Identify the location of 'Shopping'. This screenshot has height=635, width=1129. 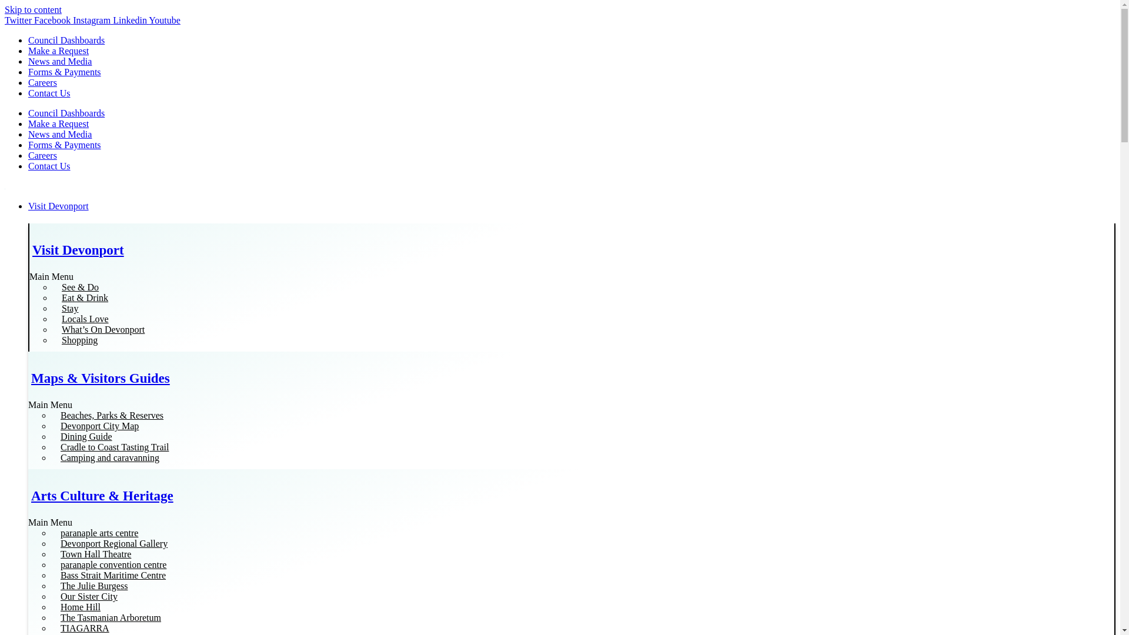
(79, 340).